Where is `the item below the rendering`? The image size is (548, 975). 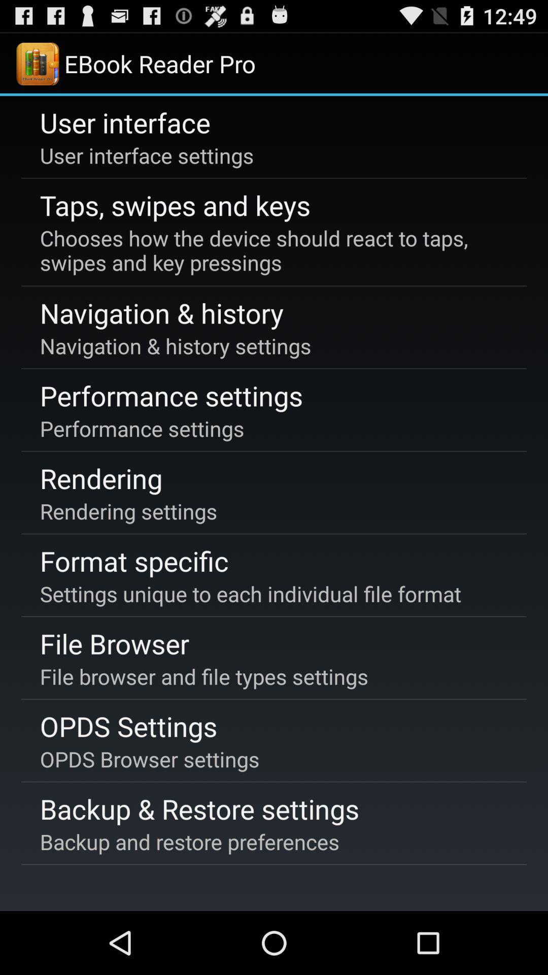 the item below the rendering is located at coordinates (128, 511).